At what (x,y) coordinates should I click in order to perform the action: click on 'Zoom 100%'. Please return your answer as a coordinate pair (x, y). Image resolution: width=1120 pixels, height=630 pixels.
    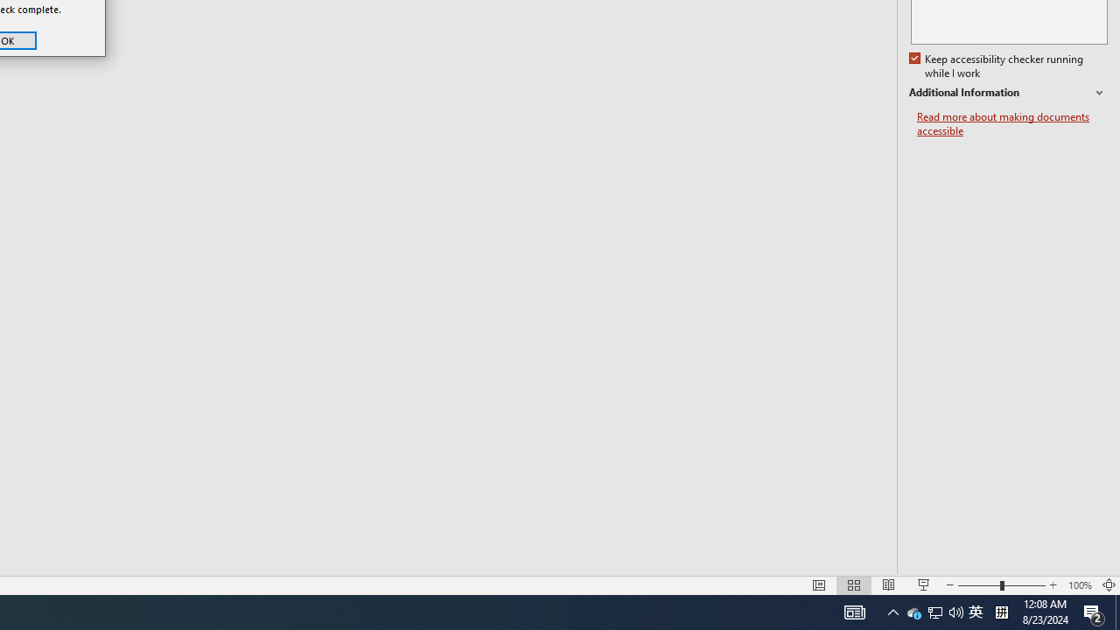
    Looking at the image, I should click on (1079, 585).